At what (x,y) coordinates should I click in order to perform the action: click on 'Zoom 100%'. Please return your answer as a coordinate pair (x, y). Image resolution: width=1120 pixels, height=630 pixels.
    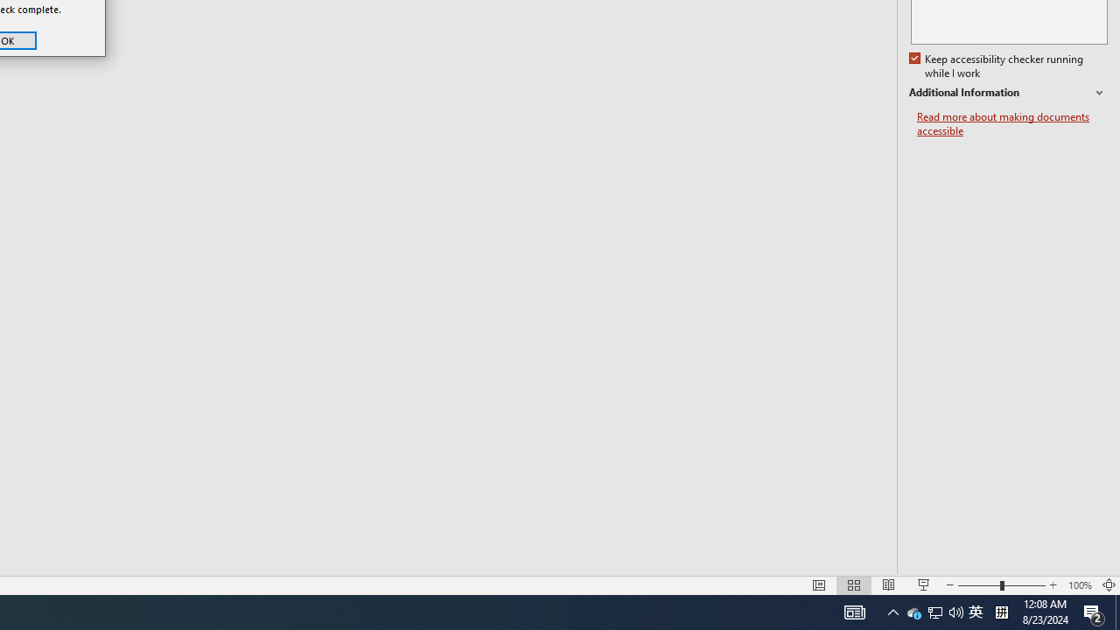
    Looking at the image, I should click on (1079, 585).